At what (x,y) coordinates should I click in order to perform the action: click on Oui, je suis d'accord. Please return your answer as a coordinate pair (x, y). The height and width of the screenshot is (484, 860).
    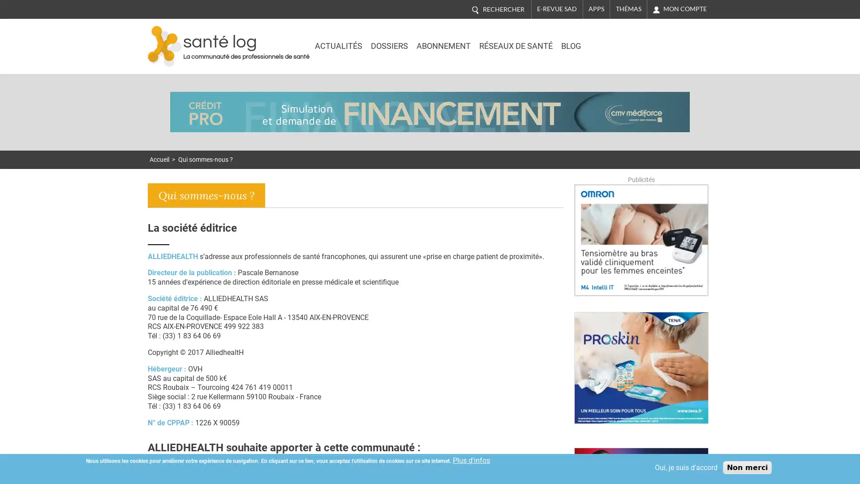
    Looking at the image, I should click on (685, 467).